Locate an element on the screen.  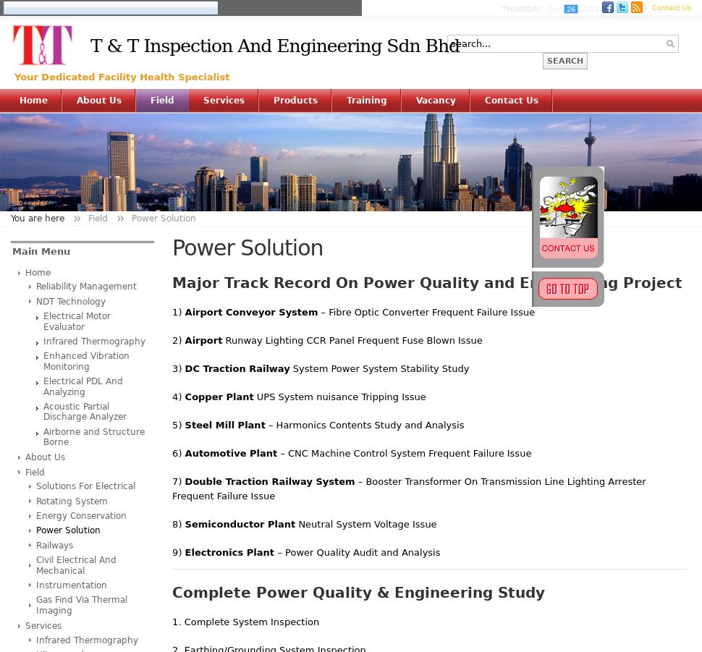
'Semiconductor Plant' is located at coordinates (240, 522).